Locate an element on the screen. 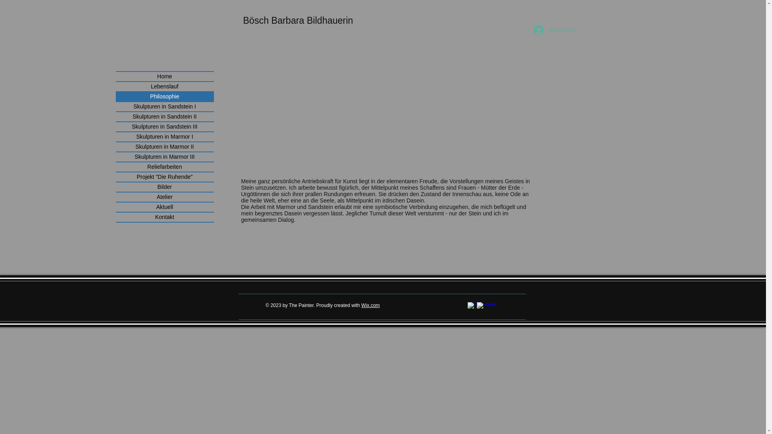 Image resolution: width=772 pixels, height=434 pixels. 'Skulpturen in Sandstein II' is located at coordinates (164, 117).